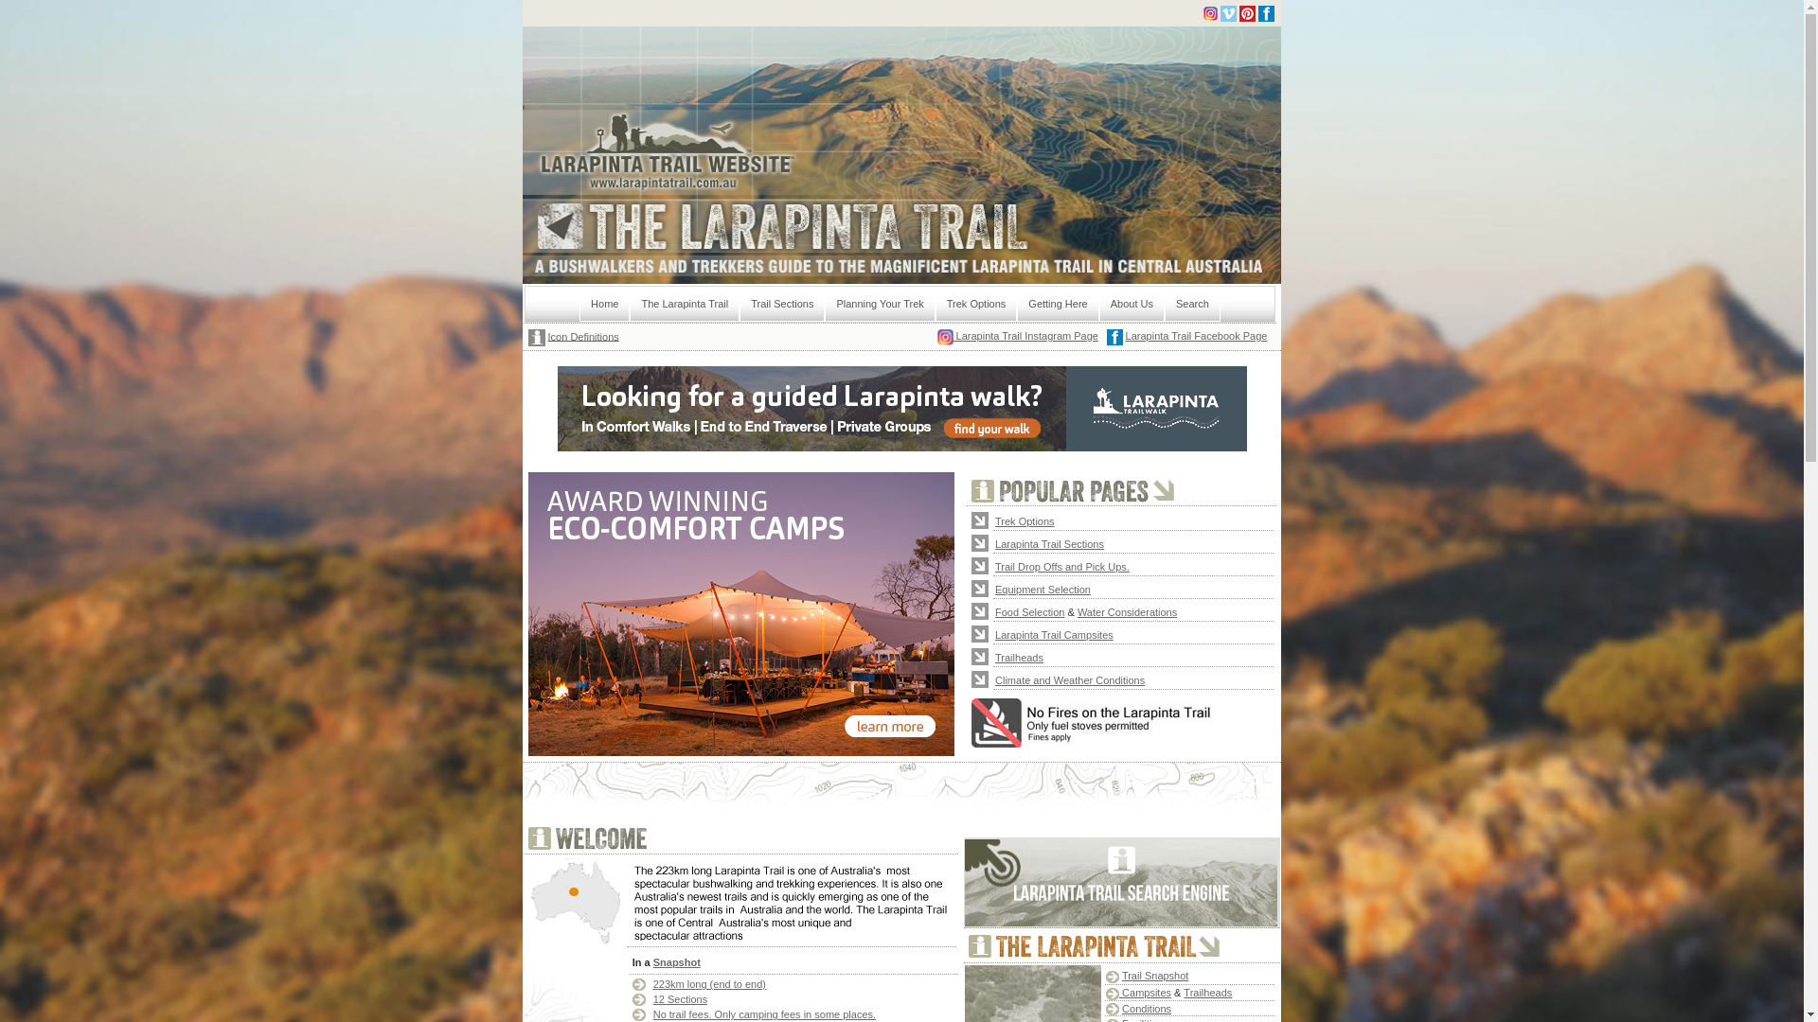 The width and height of the screenshot is (1818, 1022). I want to click on 'Getting Here', so click(1057, 303).